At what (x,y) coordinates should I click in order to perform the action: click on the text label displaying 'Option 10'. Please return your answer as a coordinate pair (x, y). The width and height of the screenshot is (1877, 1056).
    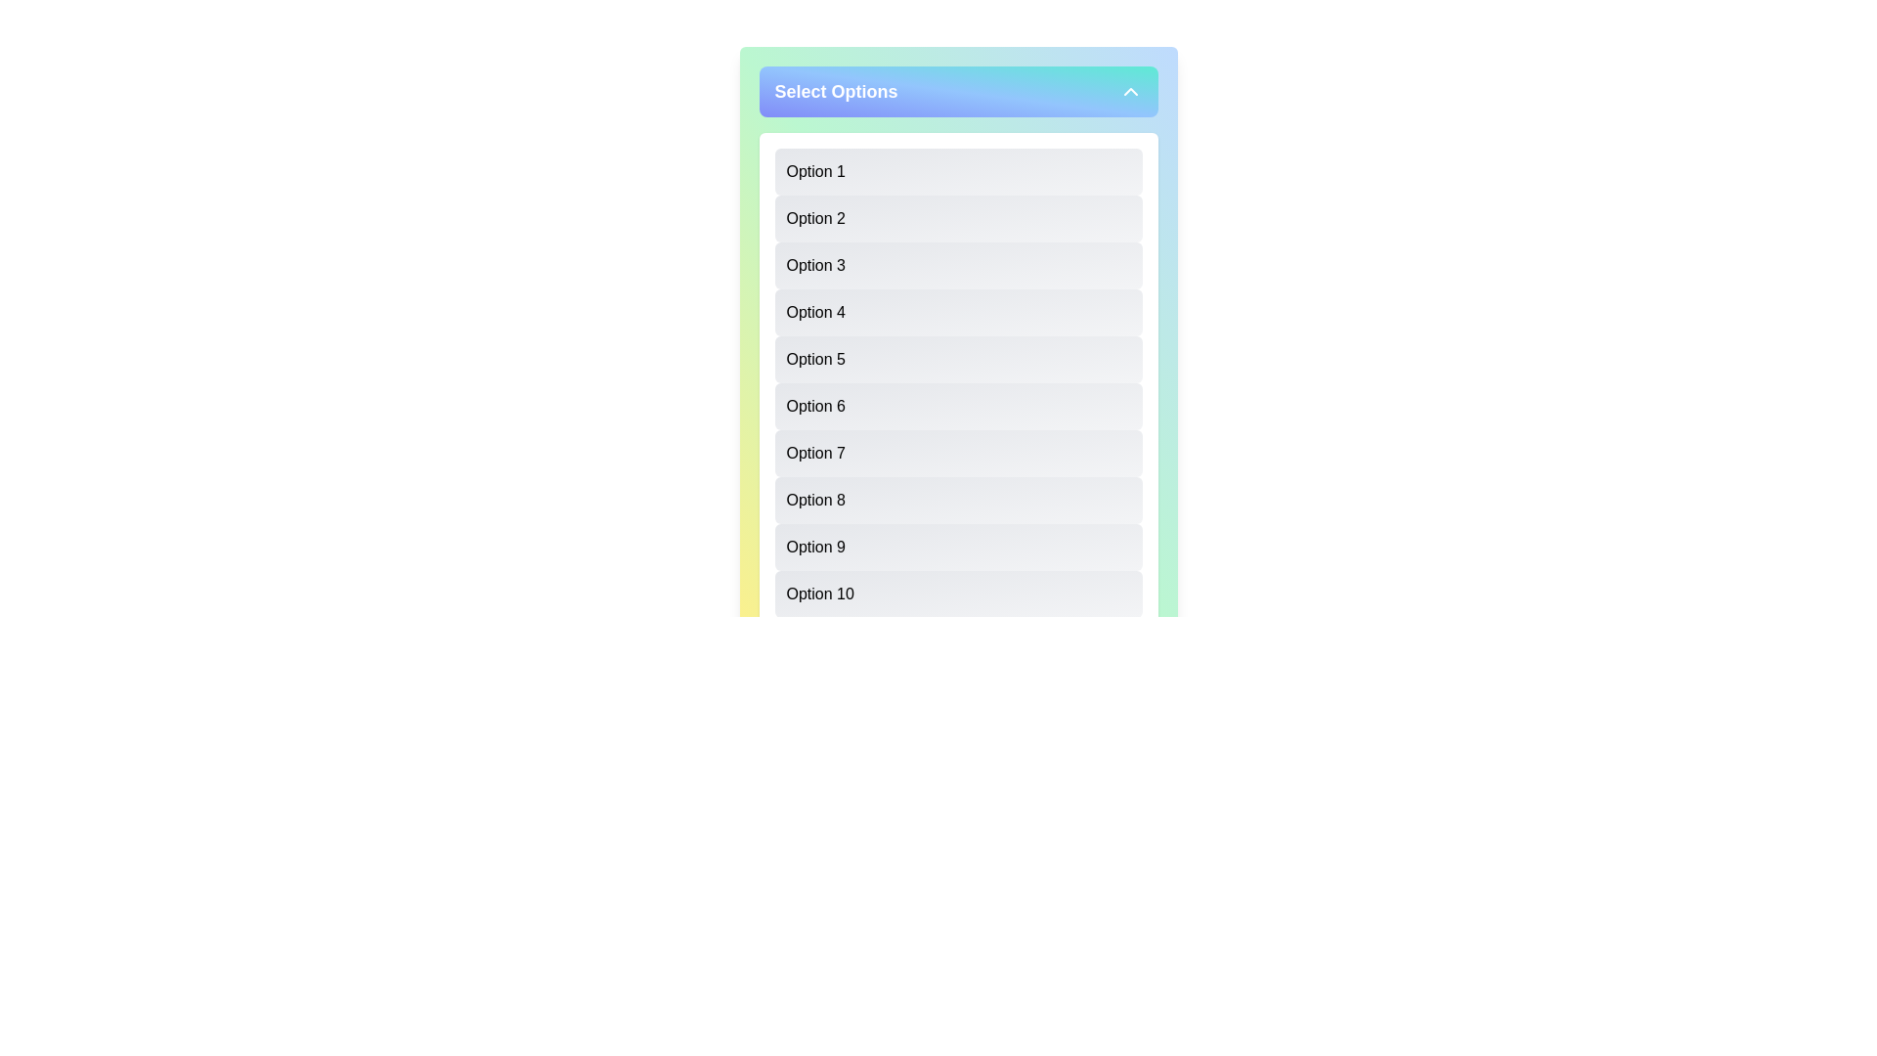
    Looking at the image, I should click on (820, 594).